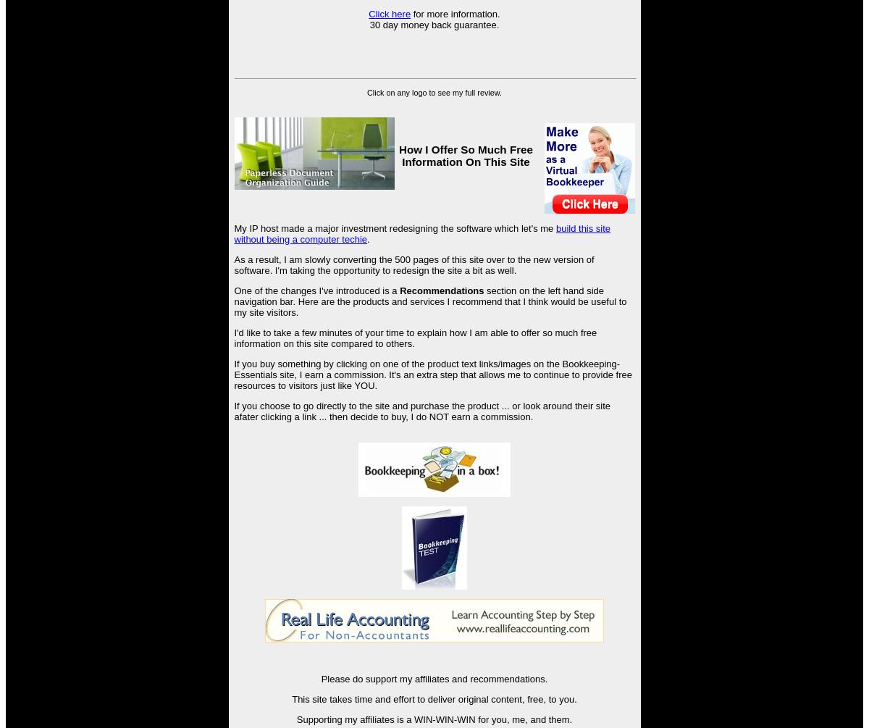 The height and width of the screenshot is (728, 869). Describe the element at coordinates (429, 301) in the screenshot. I see `'section on the left hand side navigation bar. Here are the products and services I recommend that I think would be useful to my site visitors.'` at that location.